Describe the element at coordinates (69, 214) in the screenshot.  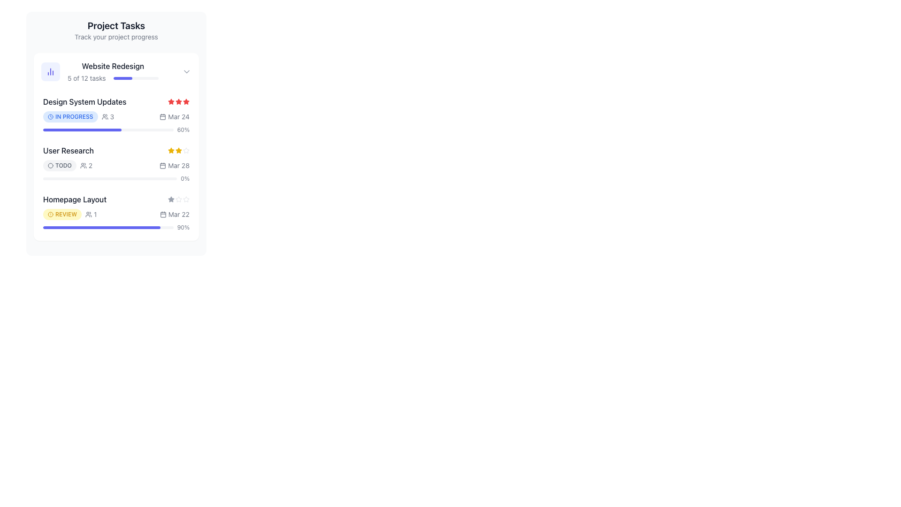
I see `the status badge component with the text 'REVIEW' and alert icon in the 'Homepage Layout' of the 'Project Tasks' interface` at that location.